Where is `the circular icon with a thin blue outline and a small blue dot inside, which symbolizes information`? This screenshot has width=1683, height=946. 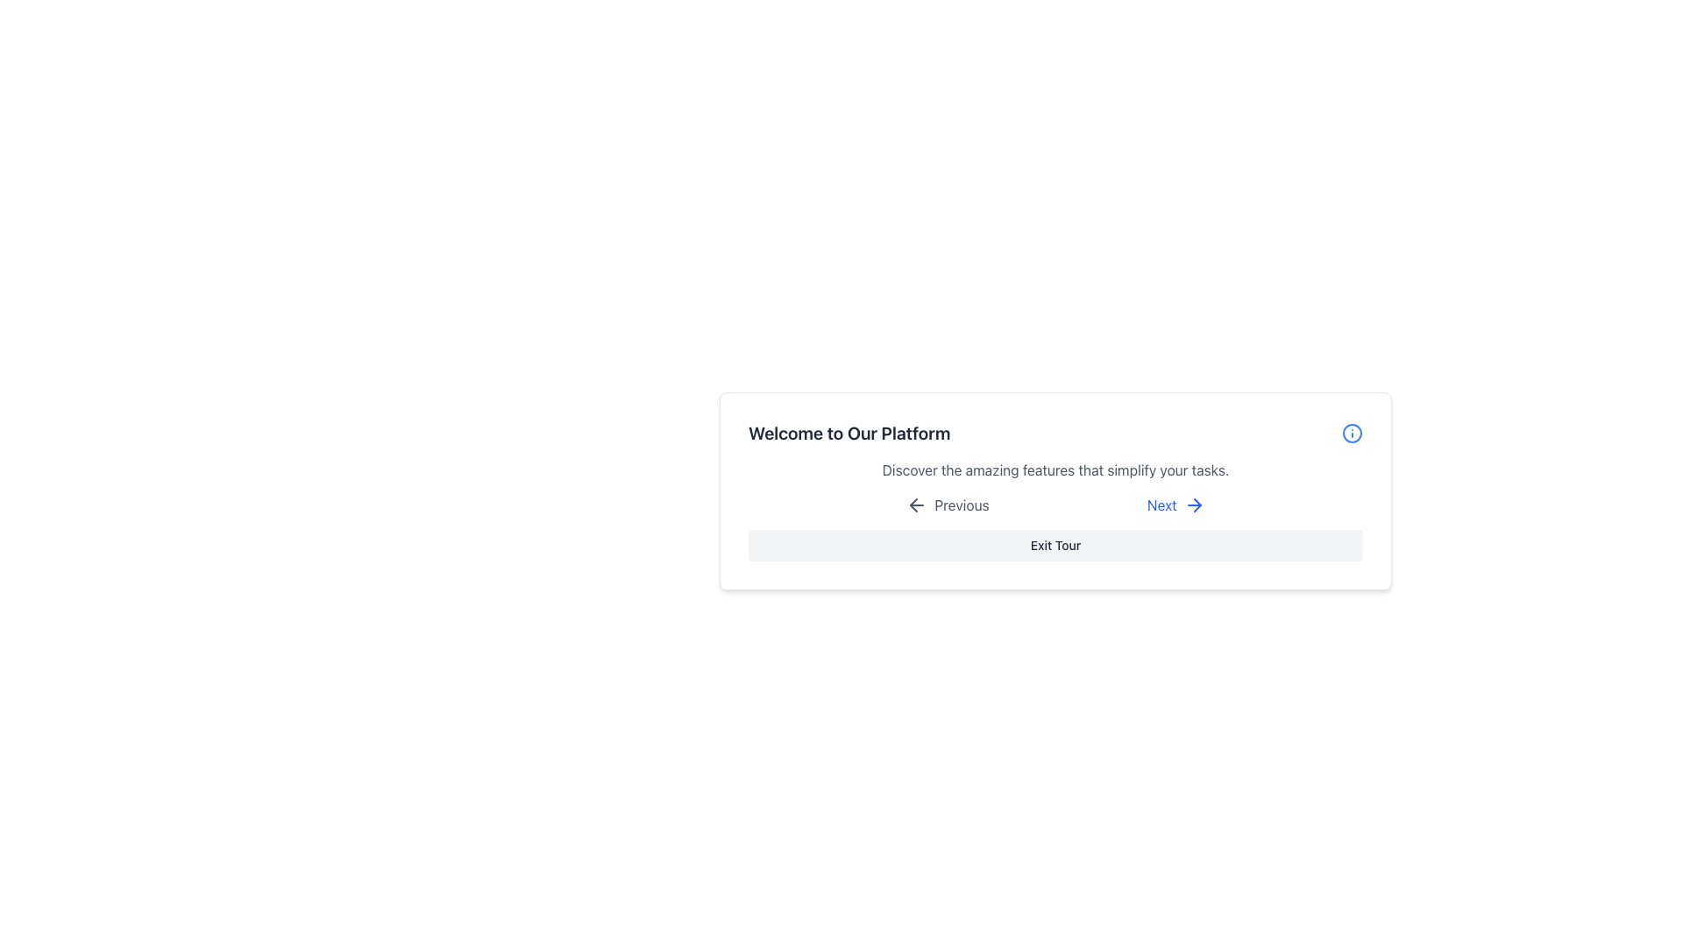 the circular icon with a thin blue outline and a small blue dot inside, which symbolizes information is located at coordinates (1351, 433).